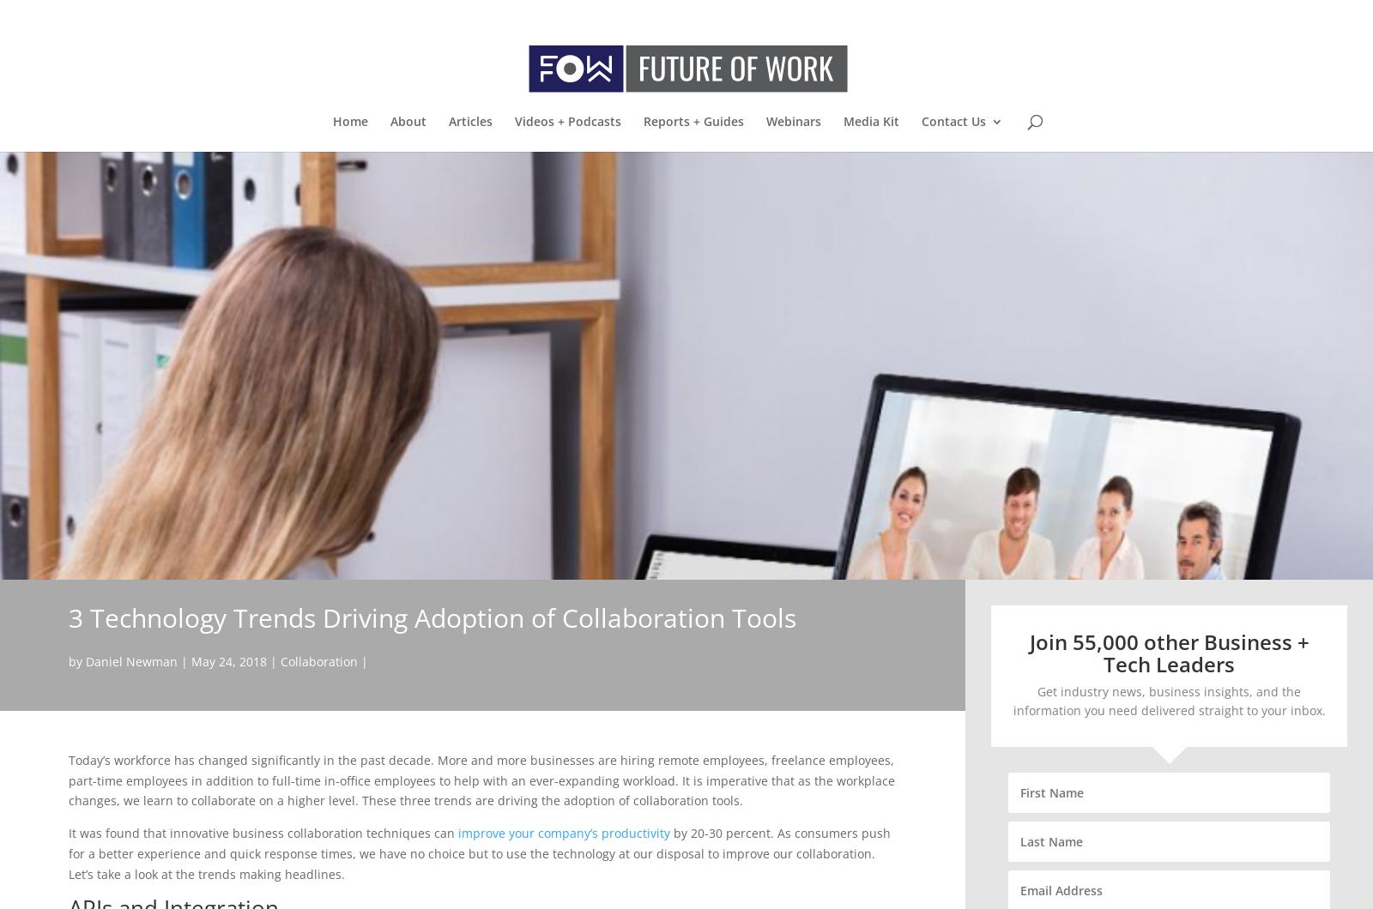 This screenshot has height=909, width=1373. What do you see at coordinates (692, 120) in the screenshot?
I see `'Reports + Guides'` at bounding box center [692, 120].